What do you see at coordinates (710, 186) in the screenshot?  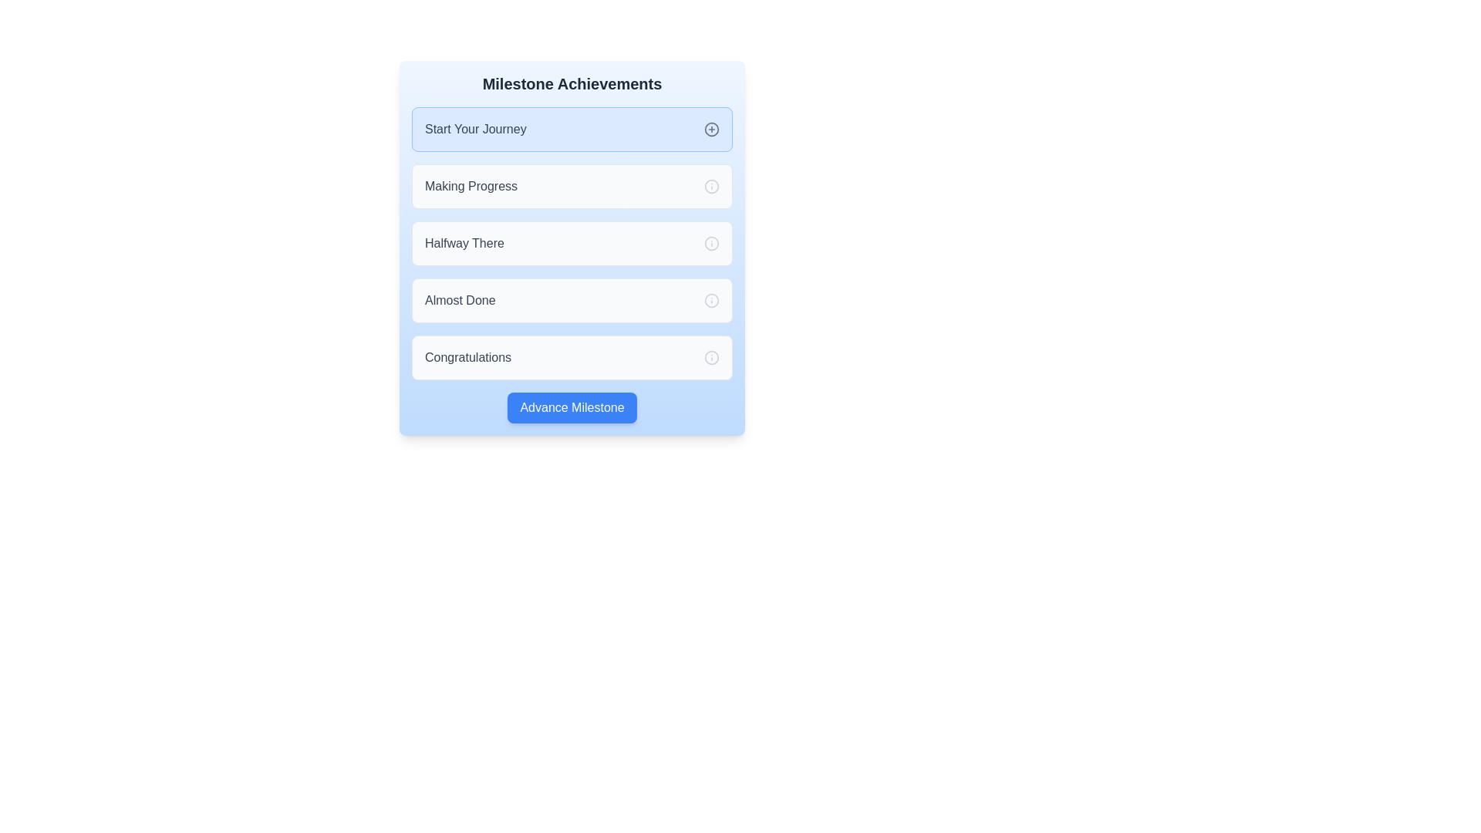 I see `the informational icon located to the right of the 'Making Progress' text` at bounding box center [710, 186].